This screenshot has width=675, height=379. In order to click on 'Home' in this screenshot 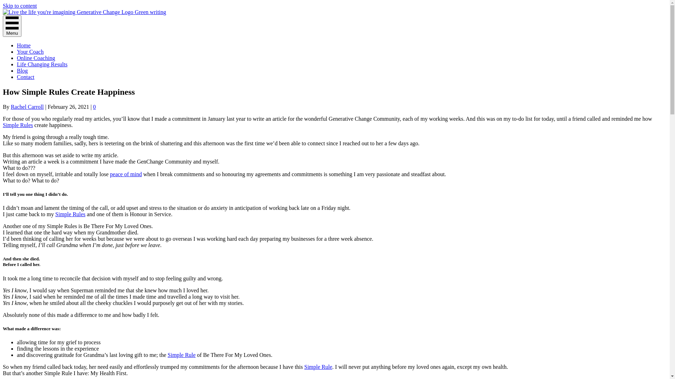, I will do `click(24, 45)`.